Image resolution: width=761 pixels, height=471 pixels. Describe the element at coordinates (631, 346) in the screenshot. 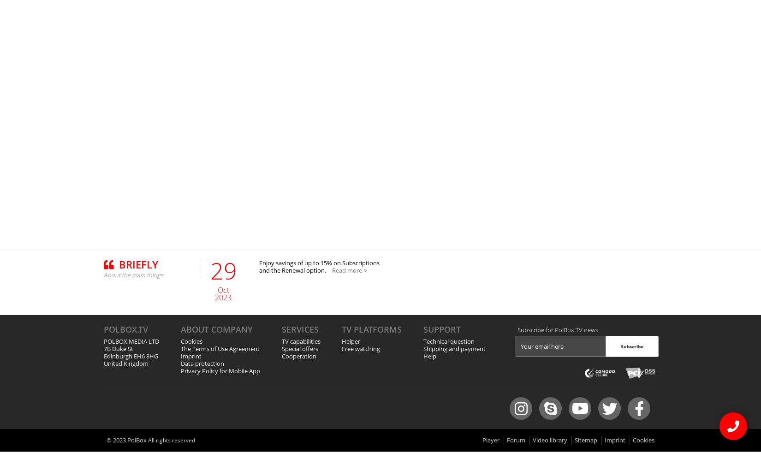

I see `'Subscribe'` at that location.